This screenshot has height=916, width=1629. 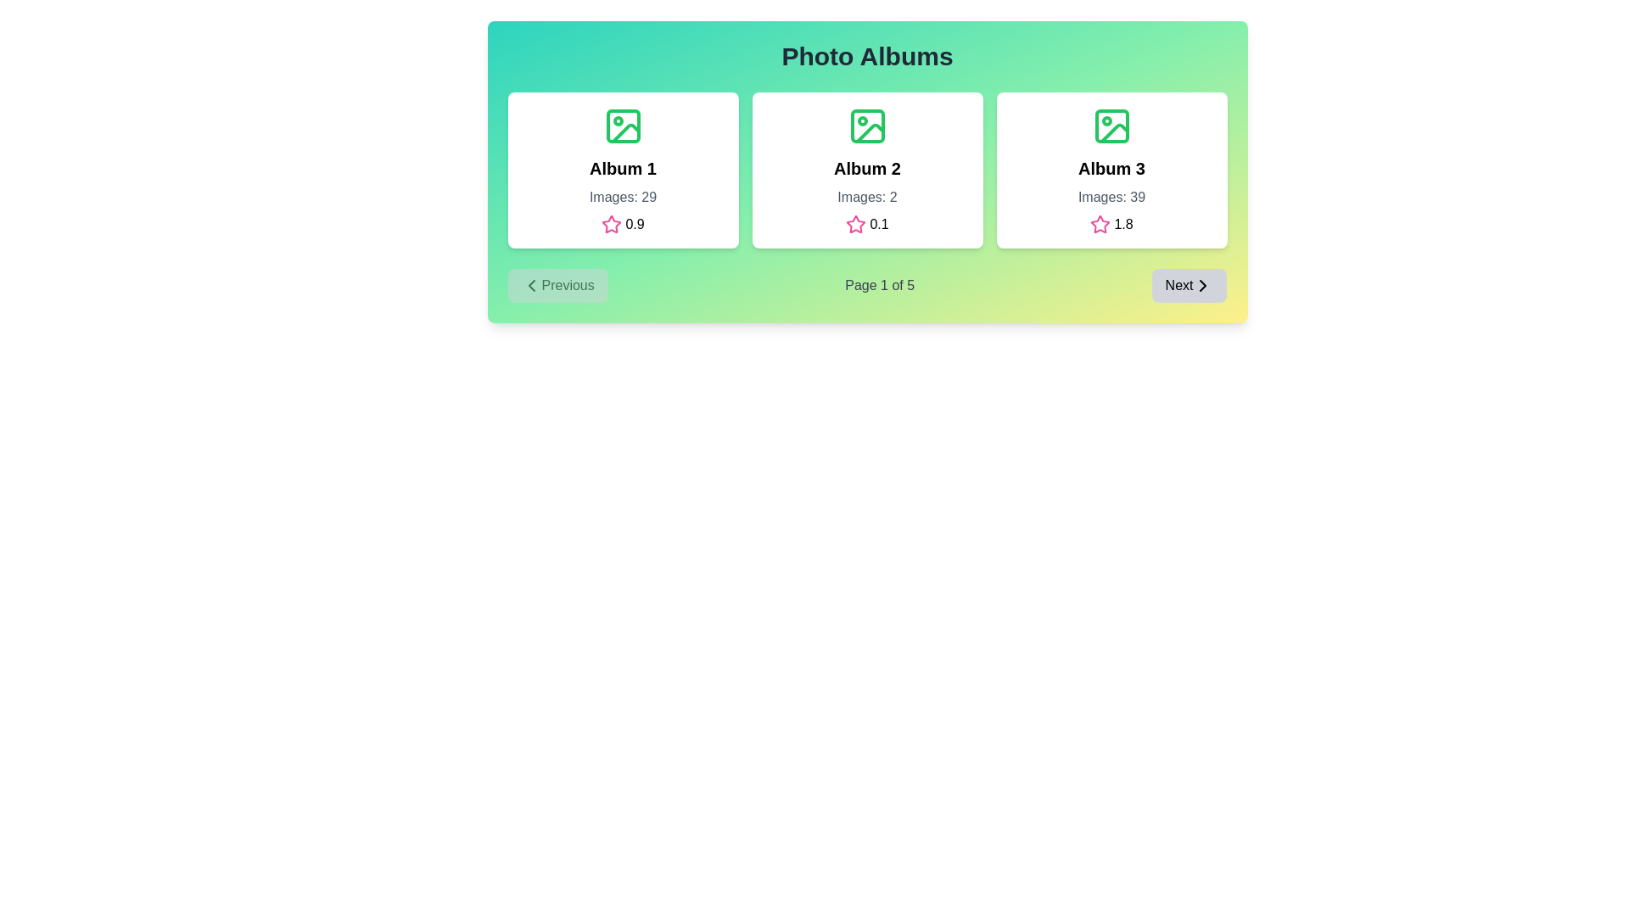 I want to click on the bold, large-sized text label displaying 'Album 2' located in the second card of the 'Photo Albums' section, positioned near the top center of its card, so click(x=867, y=169).